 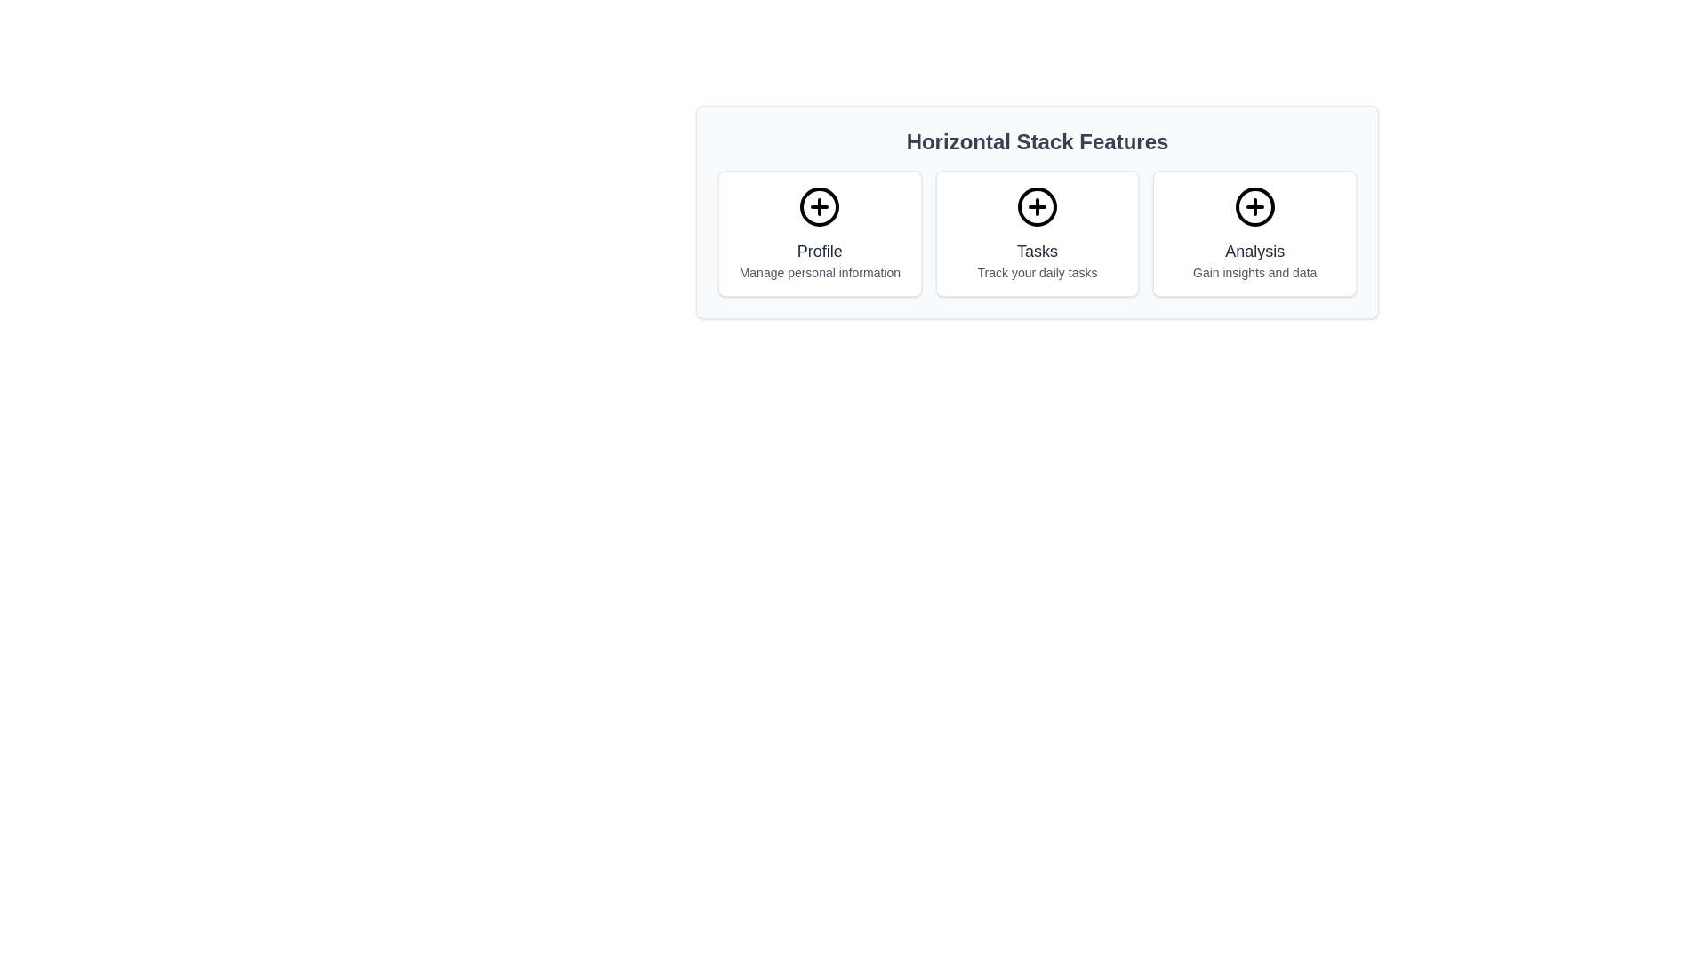 I want to click on the center of the '+' icon represented by a circle with a black stroke, located within the 'Profile' feature card, which is the leftmost of three cards under the 'Horizontal Stack Features' header, so click(x=819, y=205).